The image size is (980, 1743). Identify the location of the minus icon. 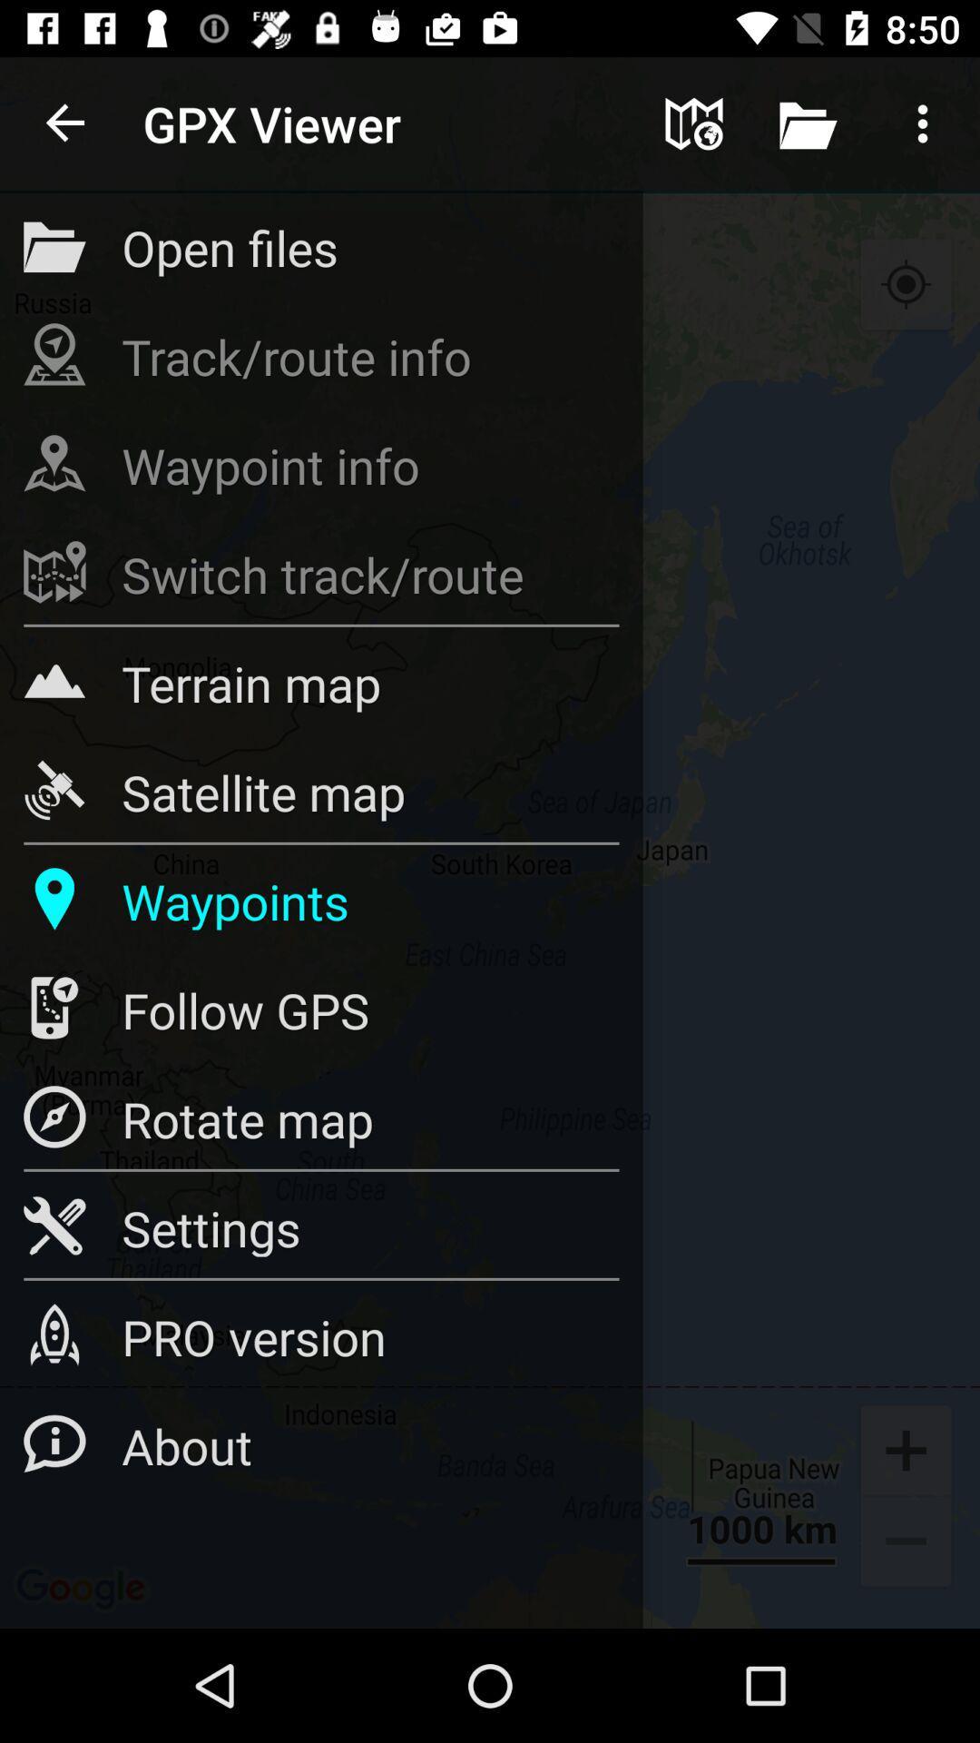
(906, 1542).